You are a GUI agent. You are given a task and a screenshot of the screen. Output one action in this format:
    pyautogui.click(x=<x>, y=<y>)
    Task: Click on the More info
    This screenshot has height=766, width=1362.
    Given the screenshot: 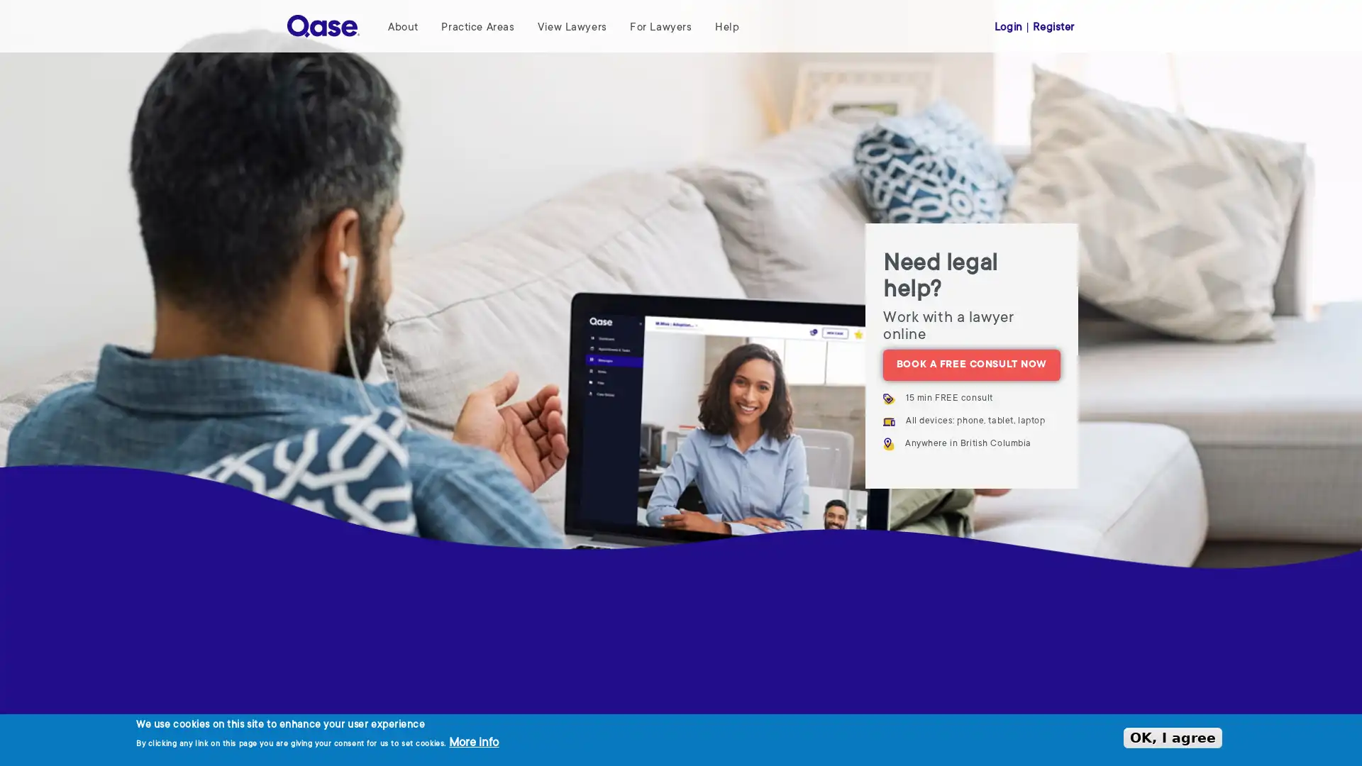 What is the action you would take?
    pyautogui.click(x=473, y=743)
    